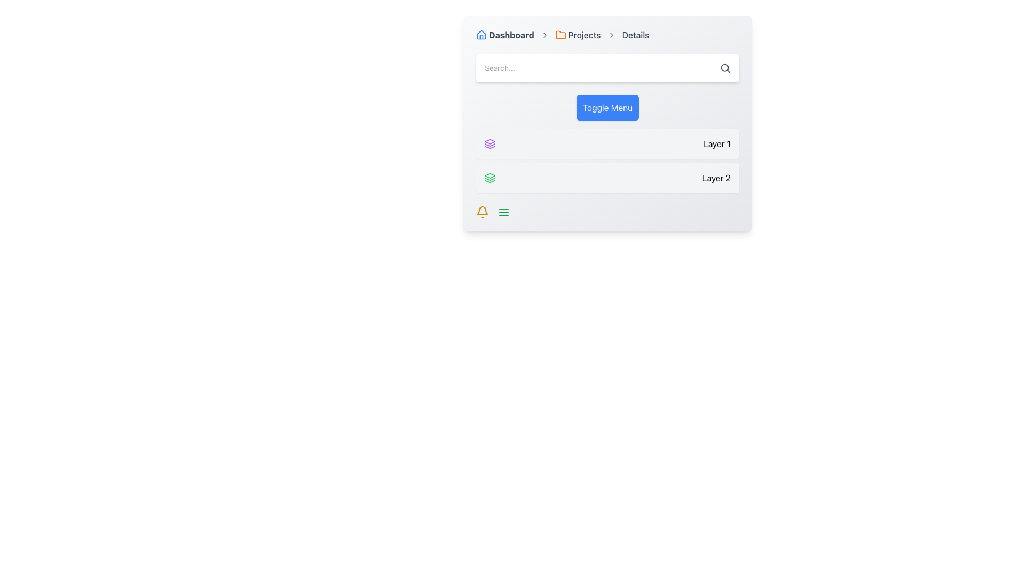 The width and height of the screenshot is (1024, 576). What do you see at coordinates (607, 34) in the screenshot?
I see `the 'Projects' link in the Breadcrumb navigation bar` at bounding box center [607, 34].